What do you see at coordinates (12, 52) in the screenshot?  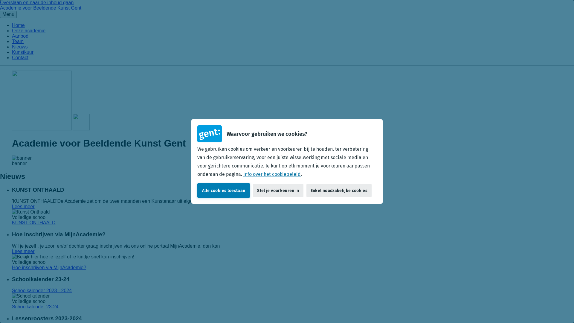 I see `'Kunstkuur'` at bounding box center [12, 52].